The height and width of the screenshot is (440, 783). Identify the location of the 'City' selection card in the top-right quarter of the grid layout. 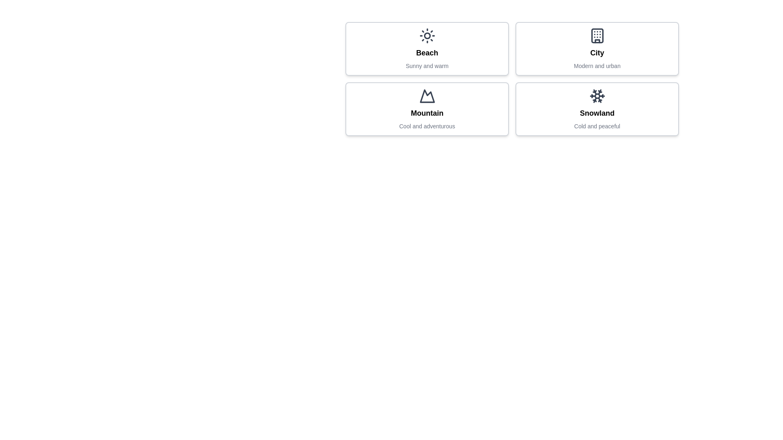
(597, 48).